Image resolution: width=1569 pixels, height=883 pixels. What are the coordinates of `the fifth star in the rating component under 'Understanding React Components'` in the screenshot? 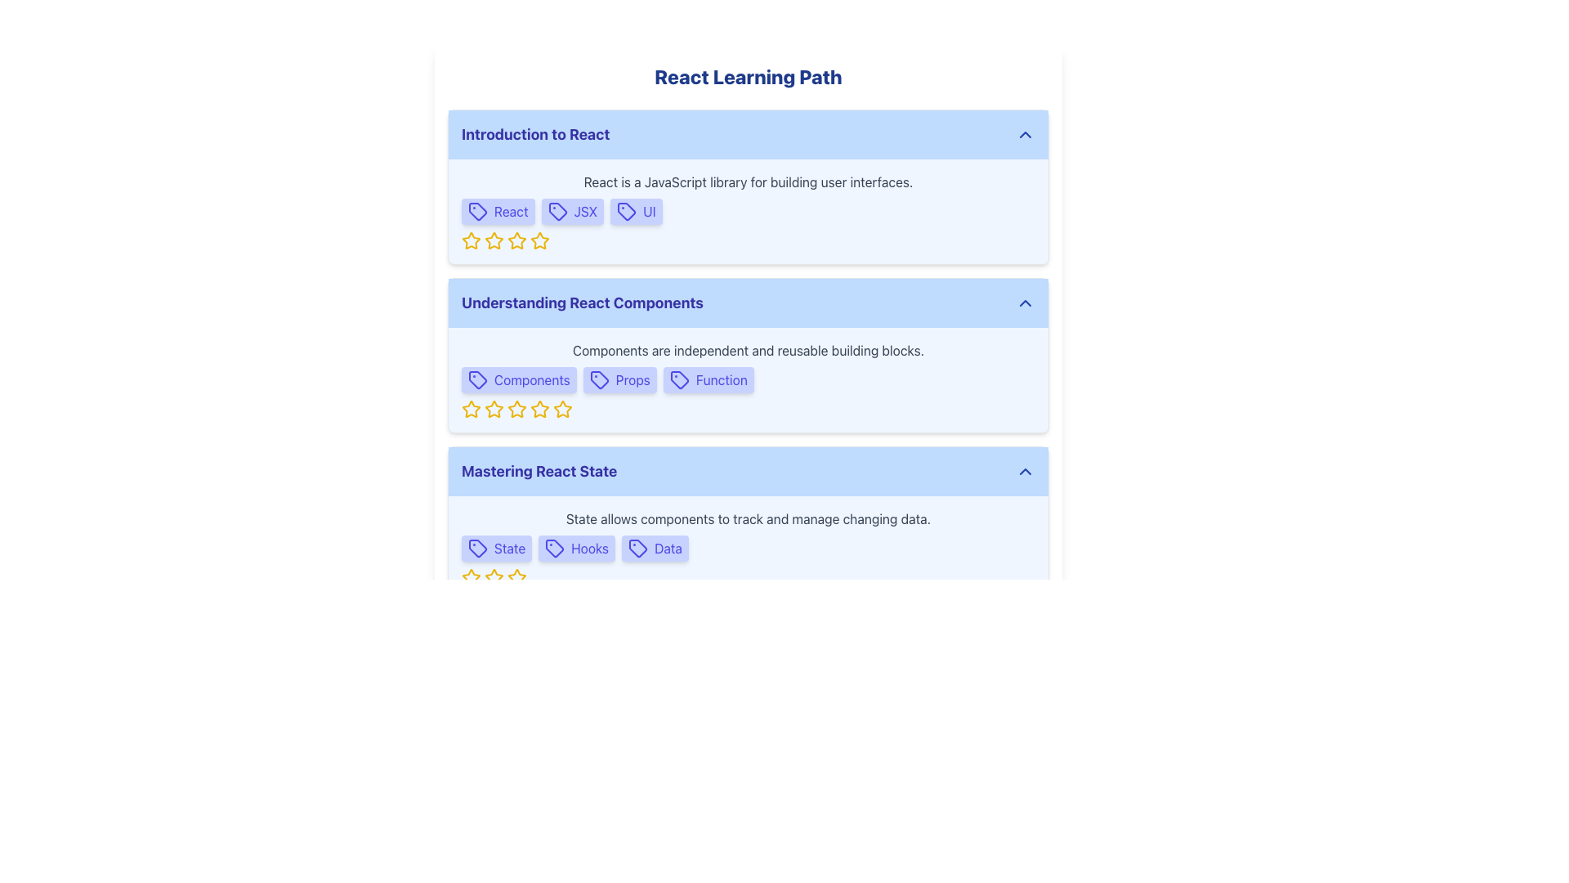 It's located at (563, 408).